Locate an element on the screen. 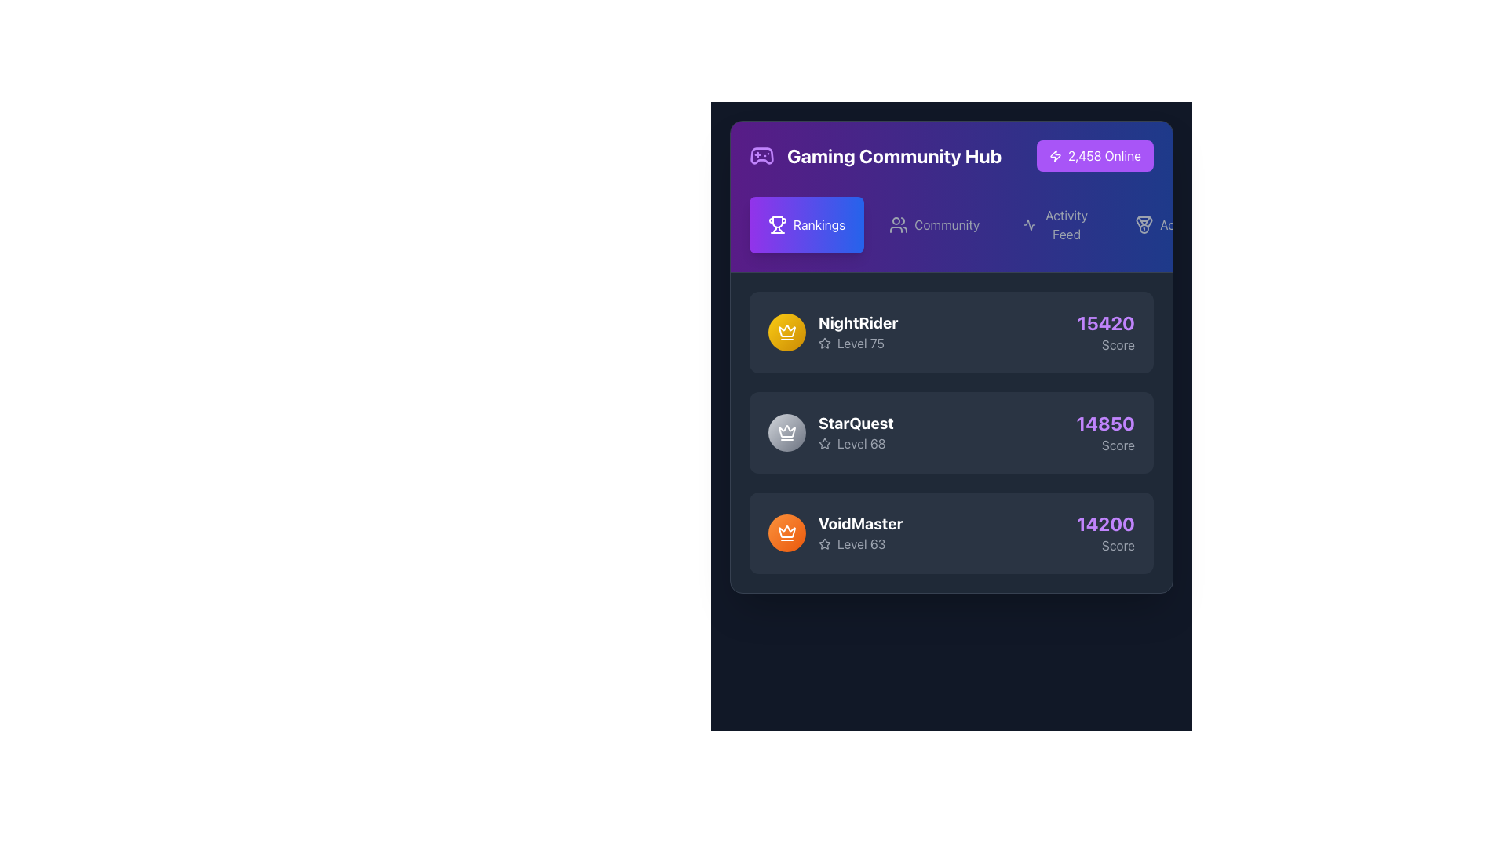 The width and height of the screenshot is (1507, 847). the small SVG icon resembling a waveform located in the top navigation bar to the left of the 'Activity Feed' label is located at coordinates (1030, 224).